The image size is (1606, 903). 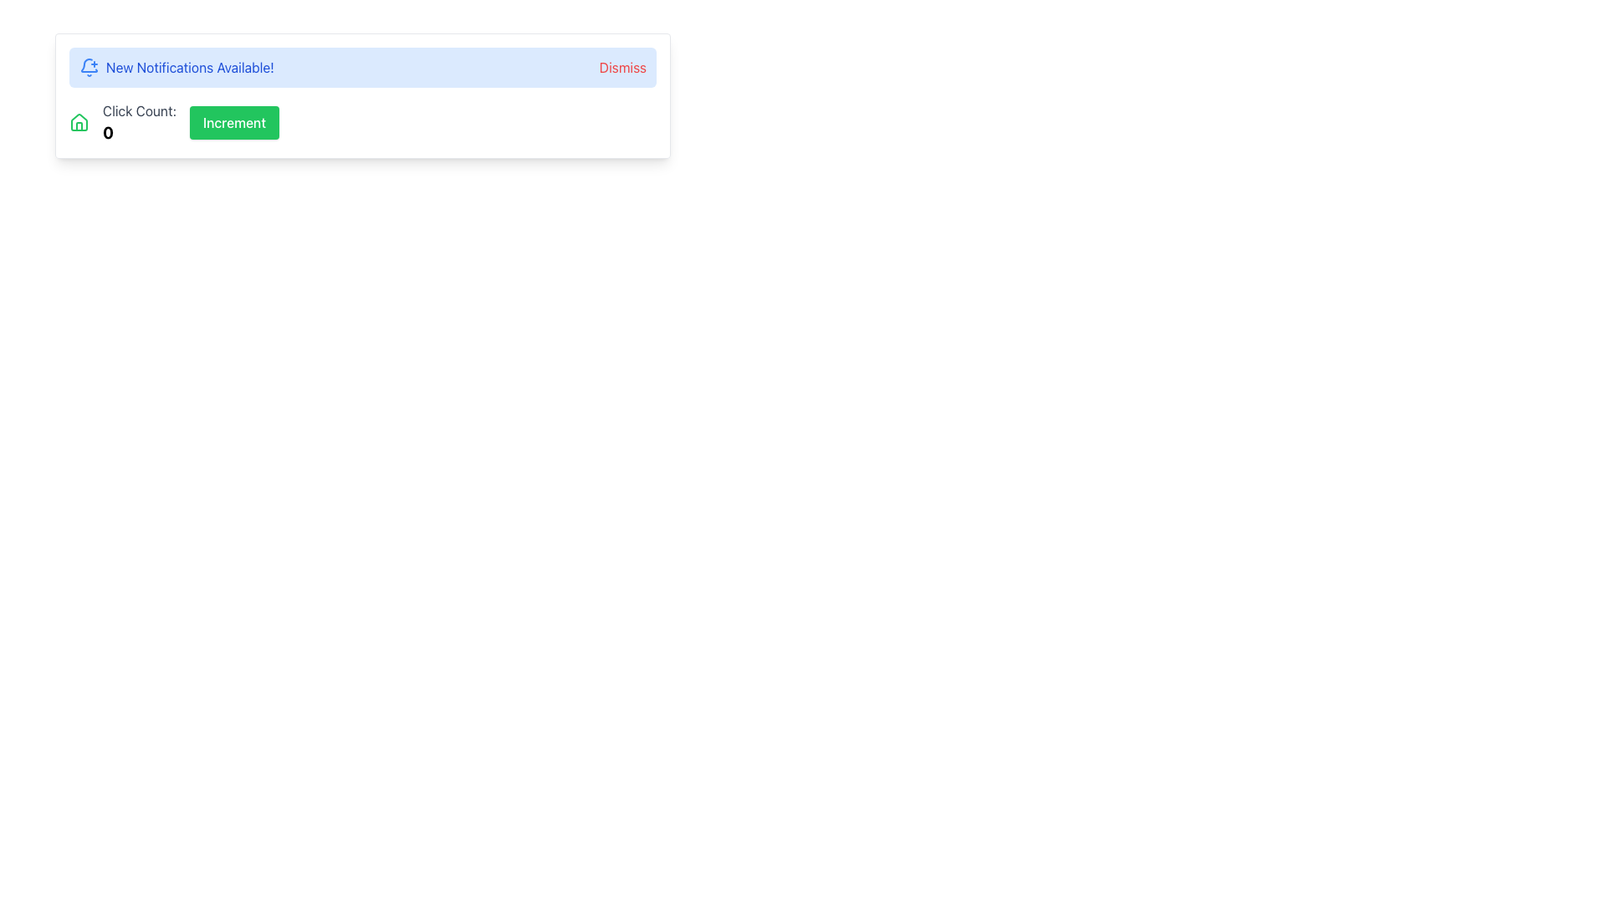 I want to click on the notification banner with a light blue background and a dismiss button that says 'New Notifications Available!', so click(x=361, y=67).